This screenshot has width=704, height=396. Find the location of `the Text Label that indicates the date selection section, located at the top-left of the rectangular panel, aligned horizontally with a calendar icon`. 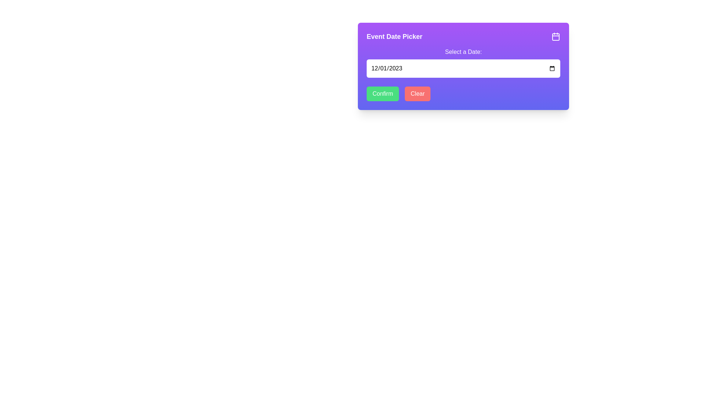

the Text Label that indicates the date selection section, located at the top-left of the rectangular panel, aligned horizontally with a calendar icon is located at coordinates (394, 37).